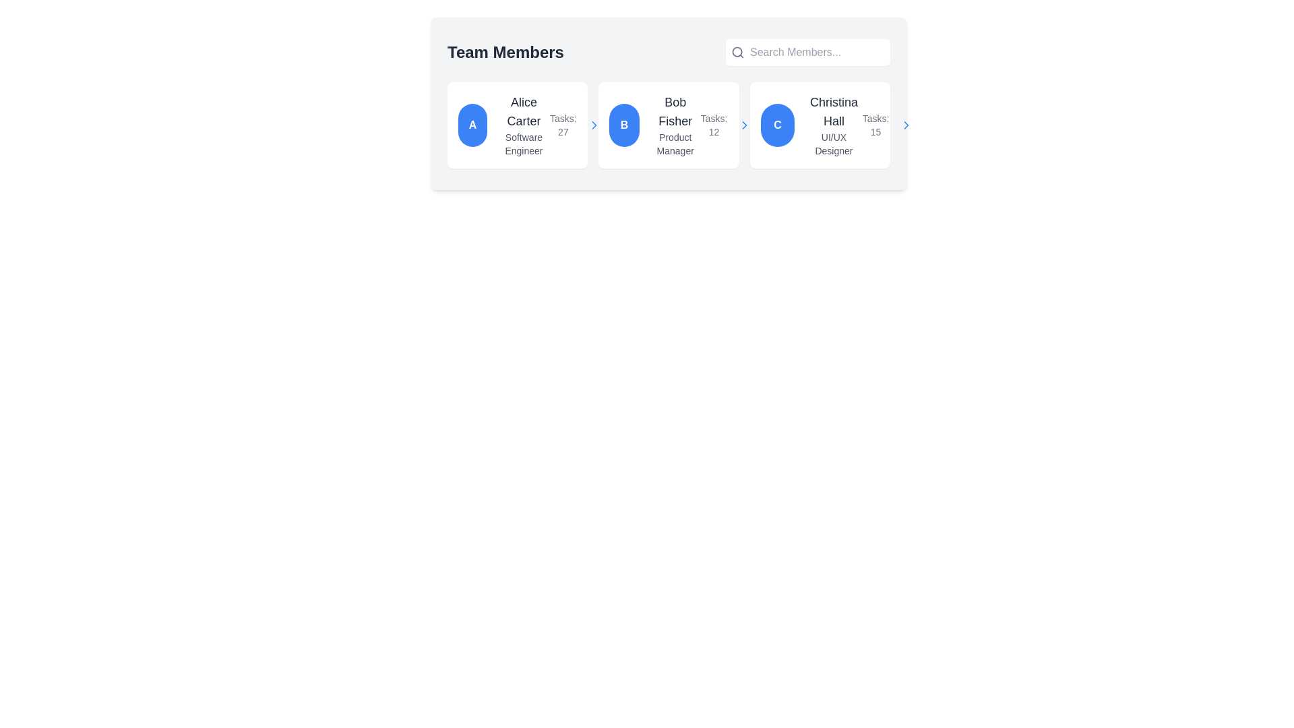 The width and height of the screenshot is (1294, 728). Describe the element at coordinates (563, 125) in the screenshot. I see `the Text label displaying 'Tasks: 27' which is styled in a small gray font, located to the right of the profile icon and name 'Alice Carter' in the first user card of a horizontal list` at that location.